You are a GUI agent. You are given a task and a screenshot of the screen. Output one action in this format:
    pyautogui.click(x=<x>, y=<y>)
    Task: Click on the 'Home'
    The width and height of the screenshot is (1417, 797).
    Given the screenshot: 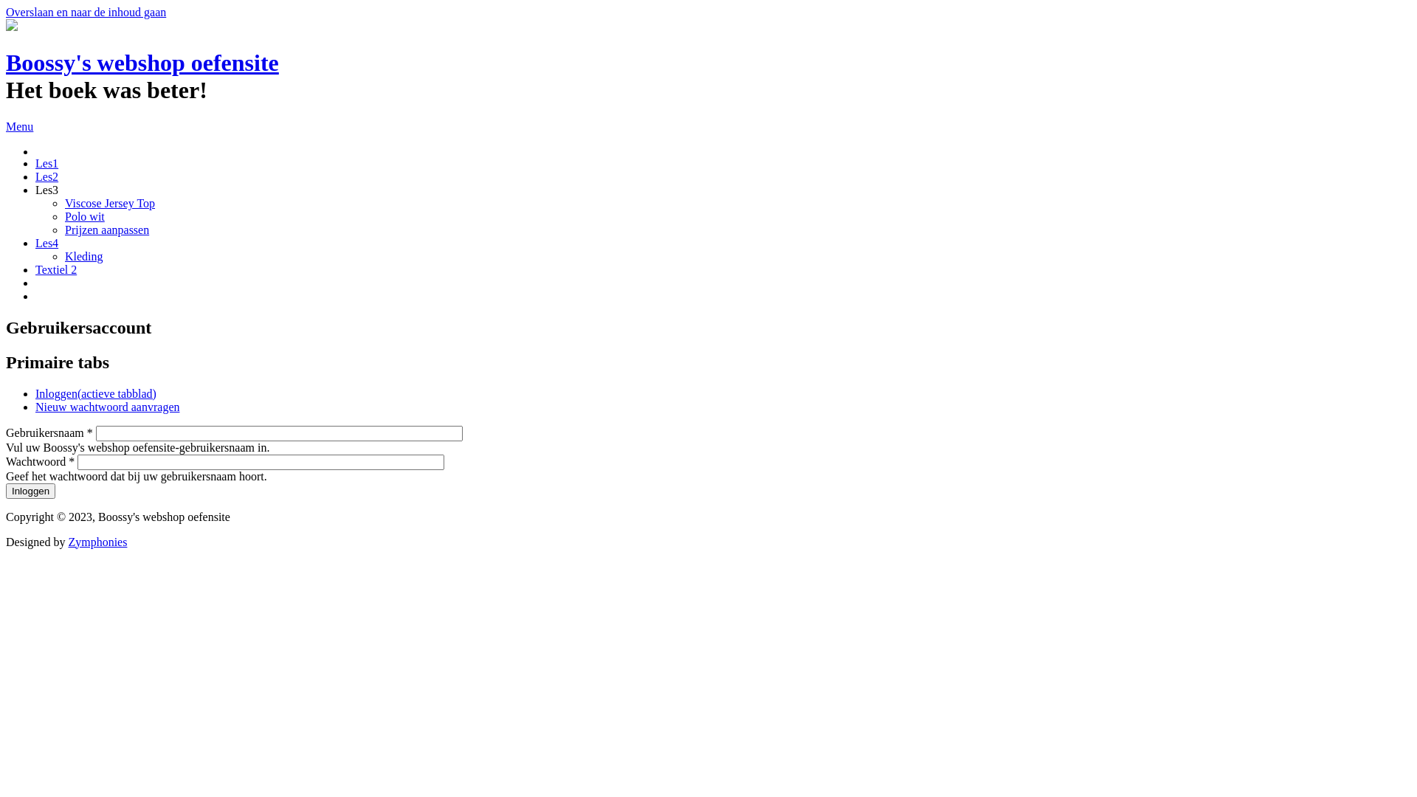 What is the action you would take?
    pyautogui.click(x=11, y=27)
    